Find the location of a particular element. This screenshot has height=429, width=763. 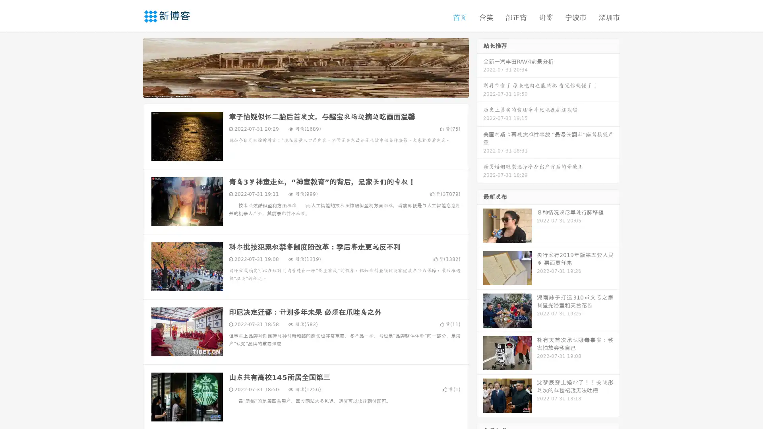

Go to slide 3 is located at coordinates (314, 89).